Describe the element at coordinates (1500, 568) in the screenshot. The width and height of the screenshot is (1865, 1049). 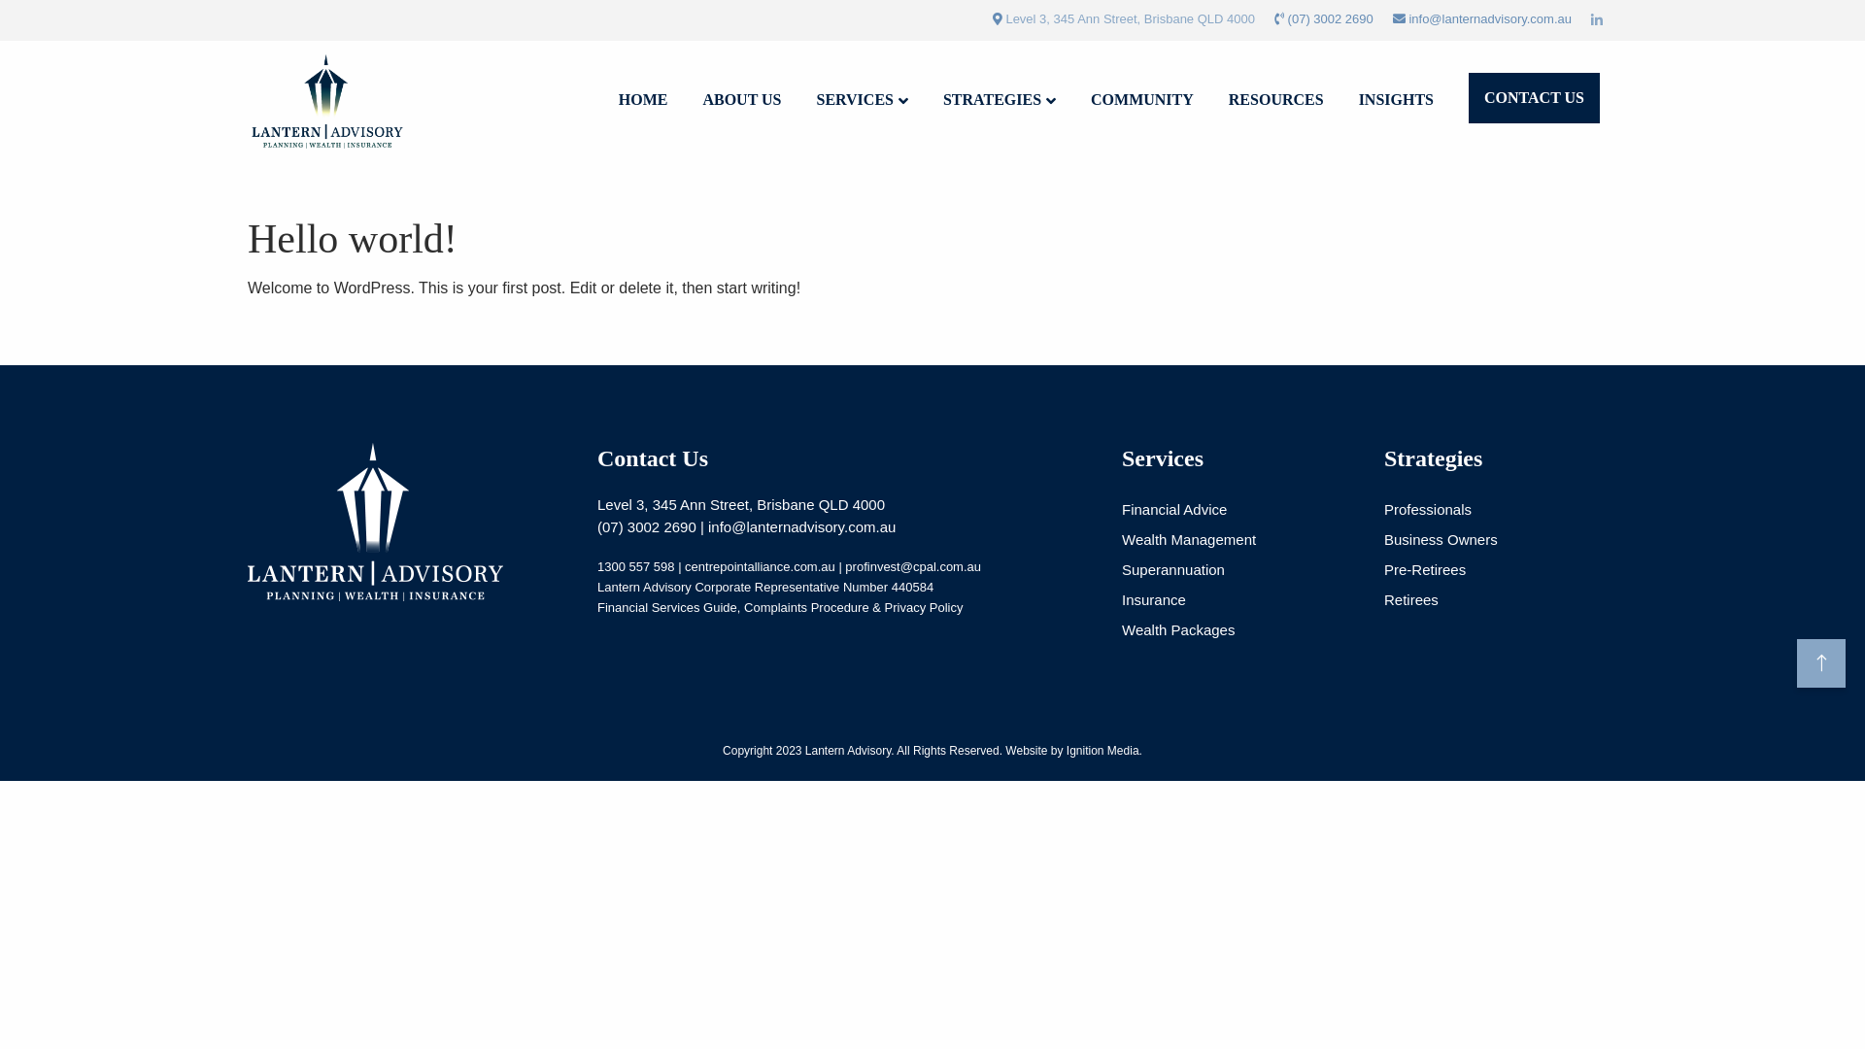
I see `'Pre-Retirees'` at that location.